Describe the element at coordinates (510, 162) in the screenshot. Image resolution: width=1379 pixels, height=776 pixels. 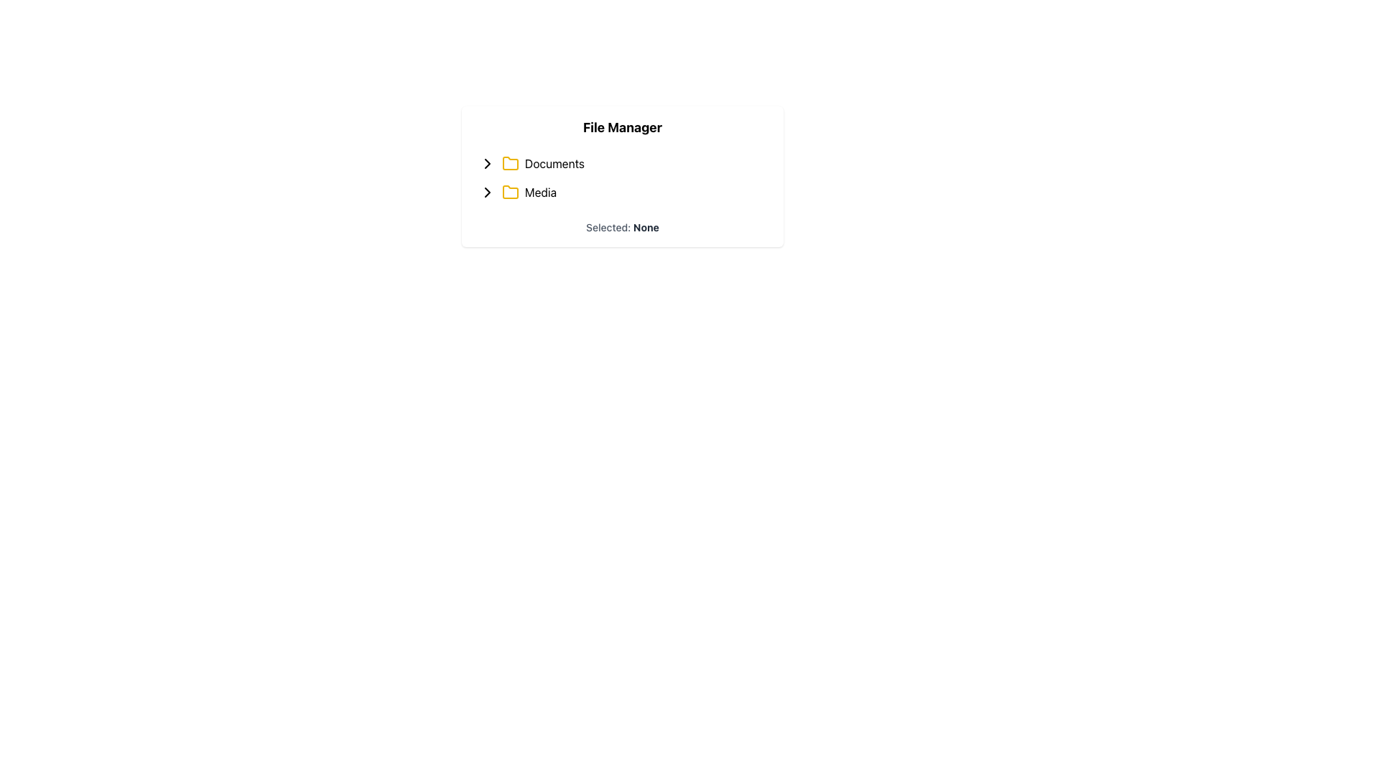
I see `the folder icon located under the 'File Manager' section, which is the second icon listed after the 'Documents' folder icon` at that location.